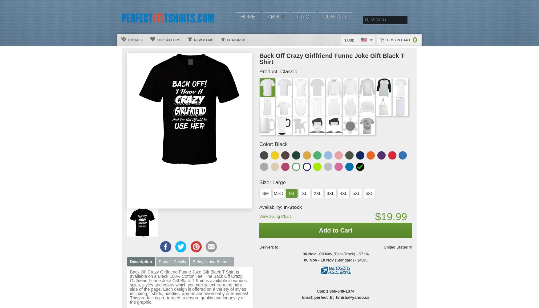 The image size is (539, 308). Describe the element at coordinates (141, 261) in the screenshot. I see `'Description'` at that location.